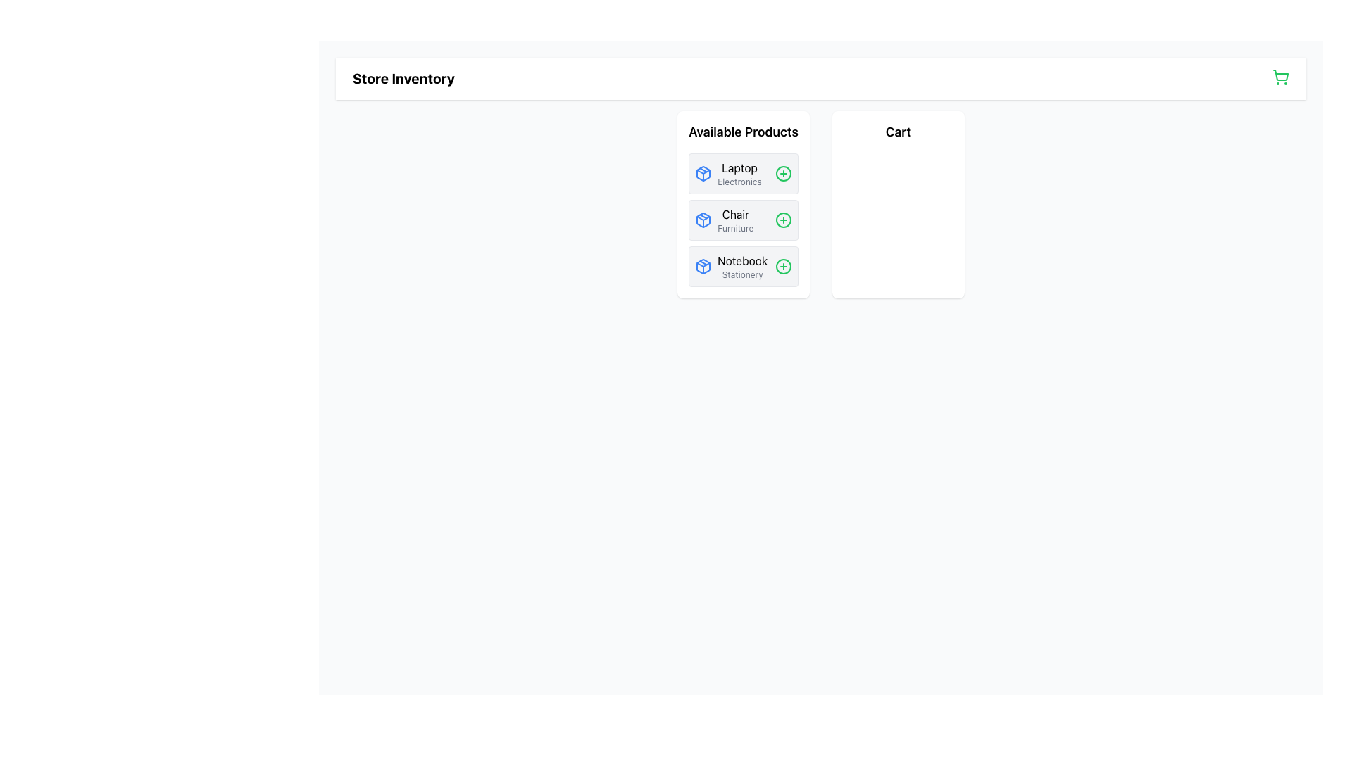 The image size is (1352, 760). I want to click on the blue-colored vector icon representing a package or box located in the 'Available Products' list under the 'Notebook' entry, positioned to the left of the text labels, so click(703, 266).